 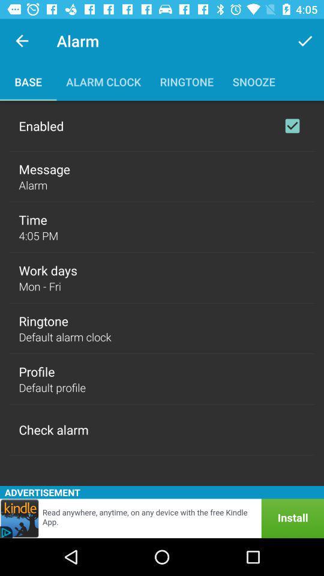 I want to click on icon above the base, so click(x=22, y=41).